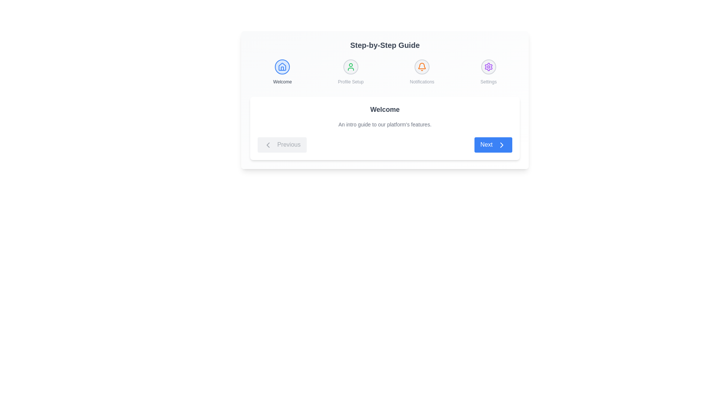 Image resolution: width=719 pixels, height=404 pixels. What do you see at coordinates (282, 68) in the screenshot?
I see `the vertical rectangular segment within the house-like icon that is styled with blue strokes and positioned above the 'Welcome' text in the step-by-step guide interface` at bounding box center [282, 68].